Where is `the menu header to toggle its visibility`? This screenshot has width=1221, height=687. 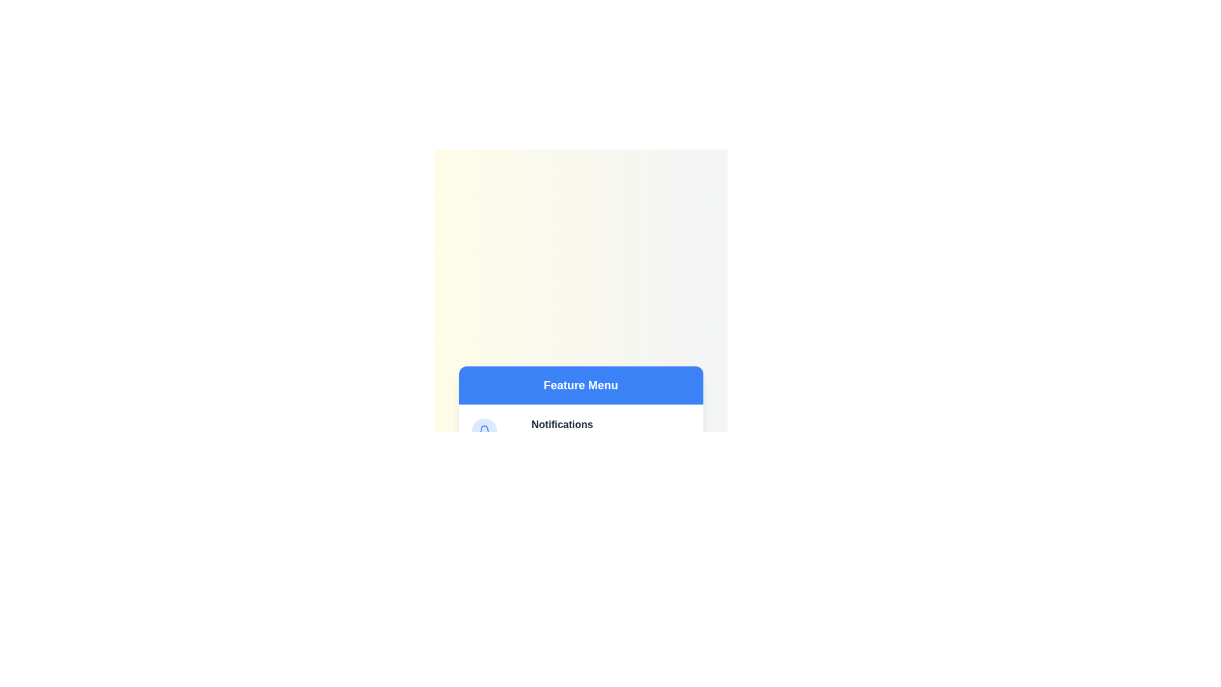 the menu header to toggle its visibility is located at coordinates (580, 384).